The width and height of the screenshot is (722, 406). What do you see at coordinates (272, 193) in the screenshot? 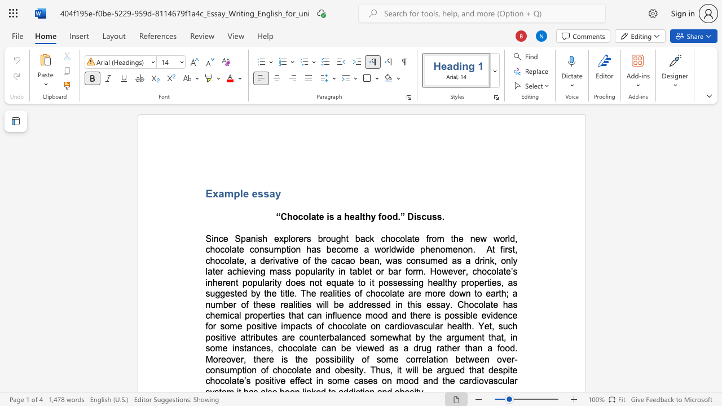
I see `the 2th character "a" in the text` at bounding box center [272, 193].